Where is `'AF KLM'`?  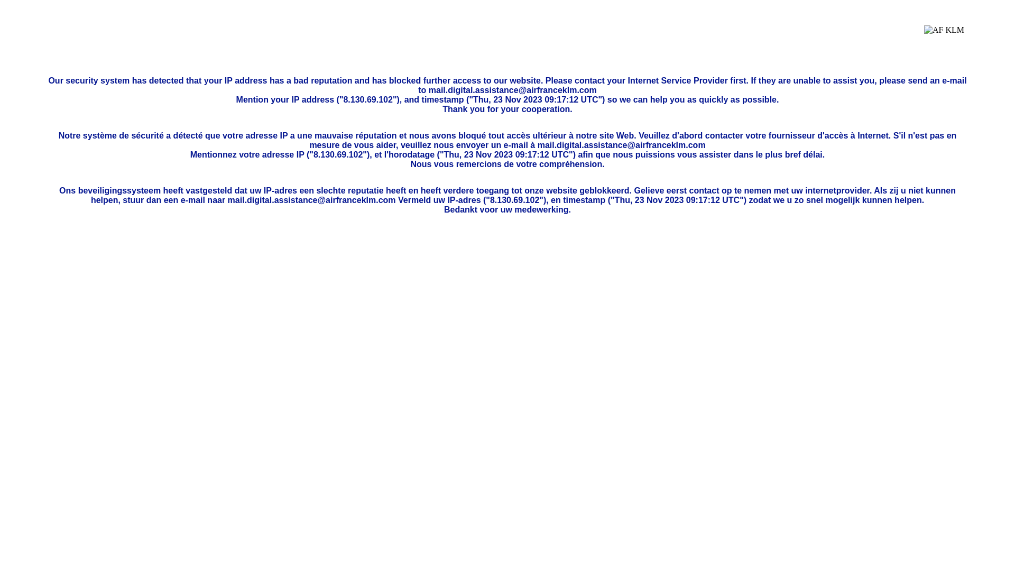
'AF KLM' is located at coordinates (944, 38).